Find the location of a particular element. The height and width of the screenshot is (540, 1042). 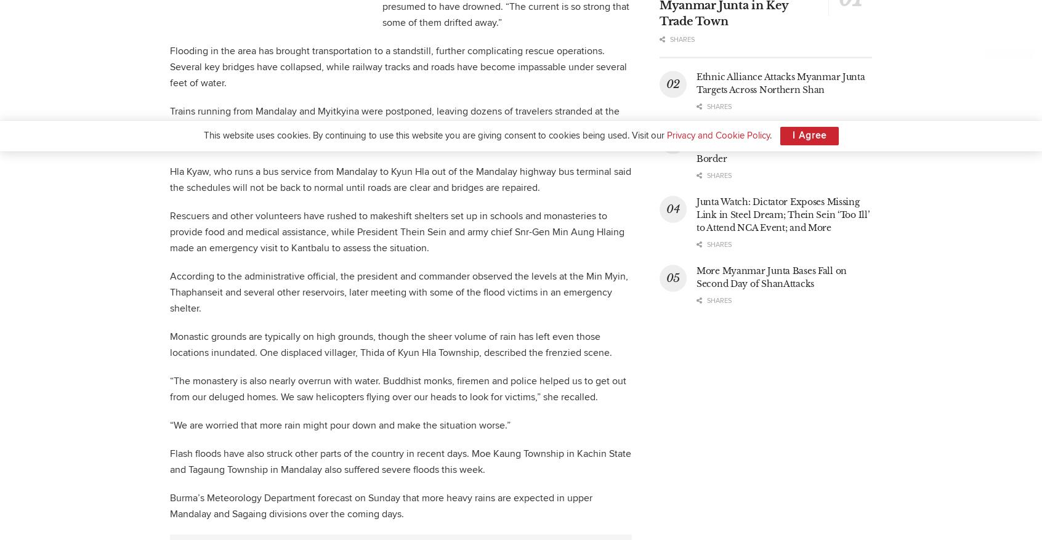

'Monastic grounds are typically on high grounds, though the sheer volume of rain has left even those locations inundated. One displaced villager, Thida of Kyun Hla Township, described the frenzied scene.' is located at coordinates (390, 344).